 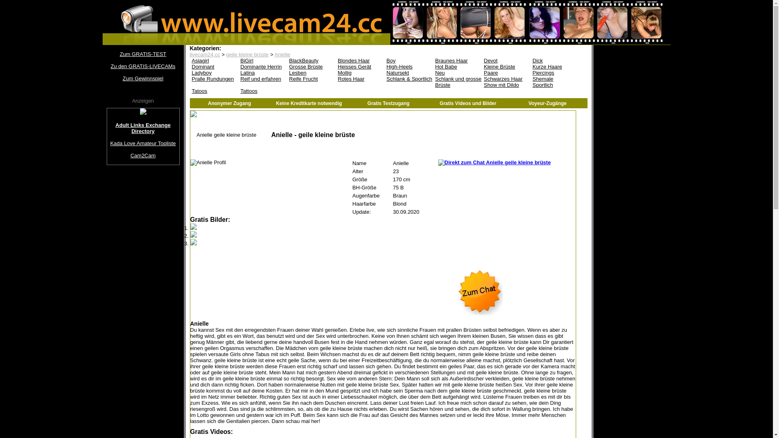 What do you see at coordinates (555, 66) in the screenshot?
I see `'Kurze Haare'` at bounding box center [555, 66].